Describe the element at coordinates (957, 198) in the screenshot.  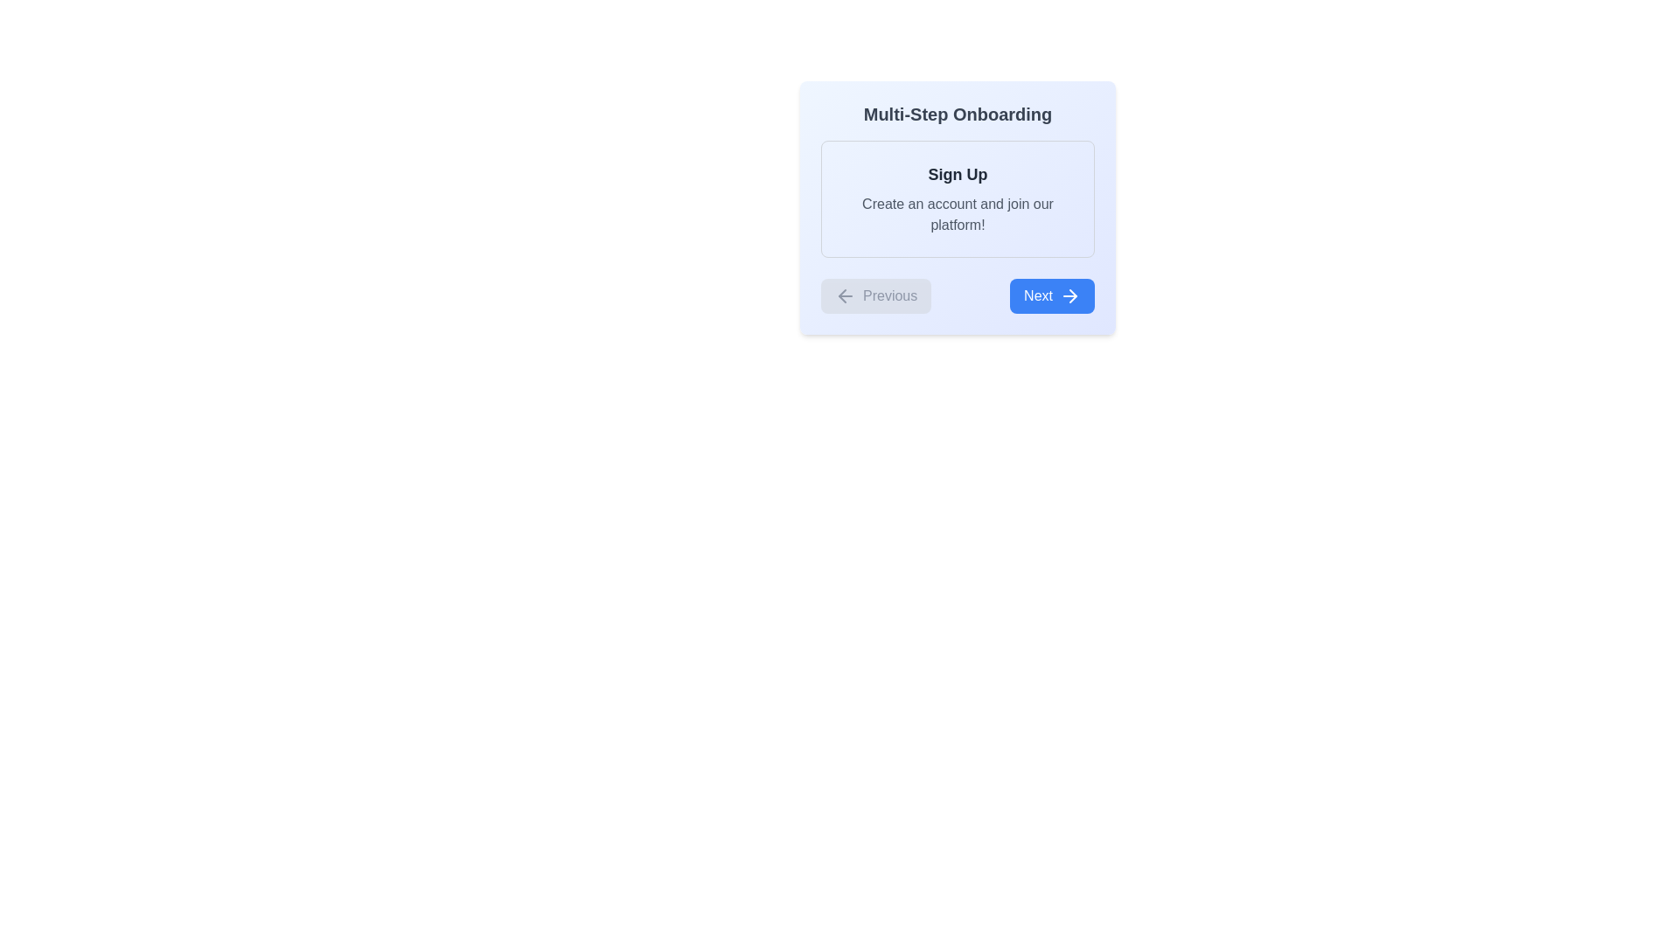
I see `the introductory text block that provides information about creating an account in the multi-step onboarding process` at that location.